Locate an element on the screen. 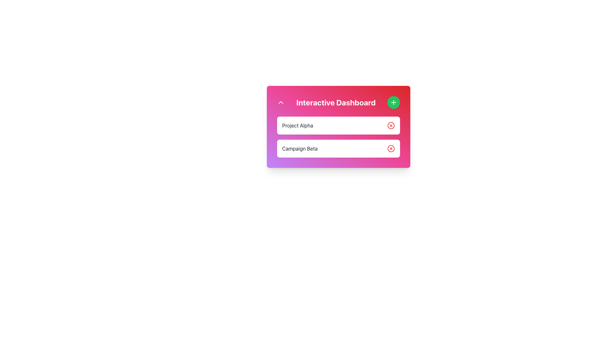 The height and width of the screenshot is (346, 615). the button located in the top-right corner of the 'Interactive Dashboard' card is located at coordinates (393, 102).